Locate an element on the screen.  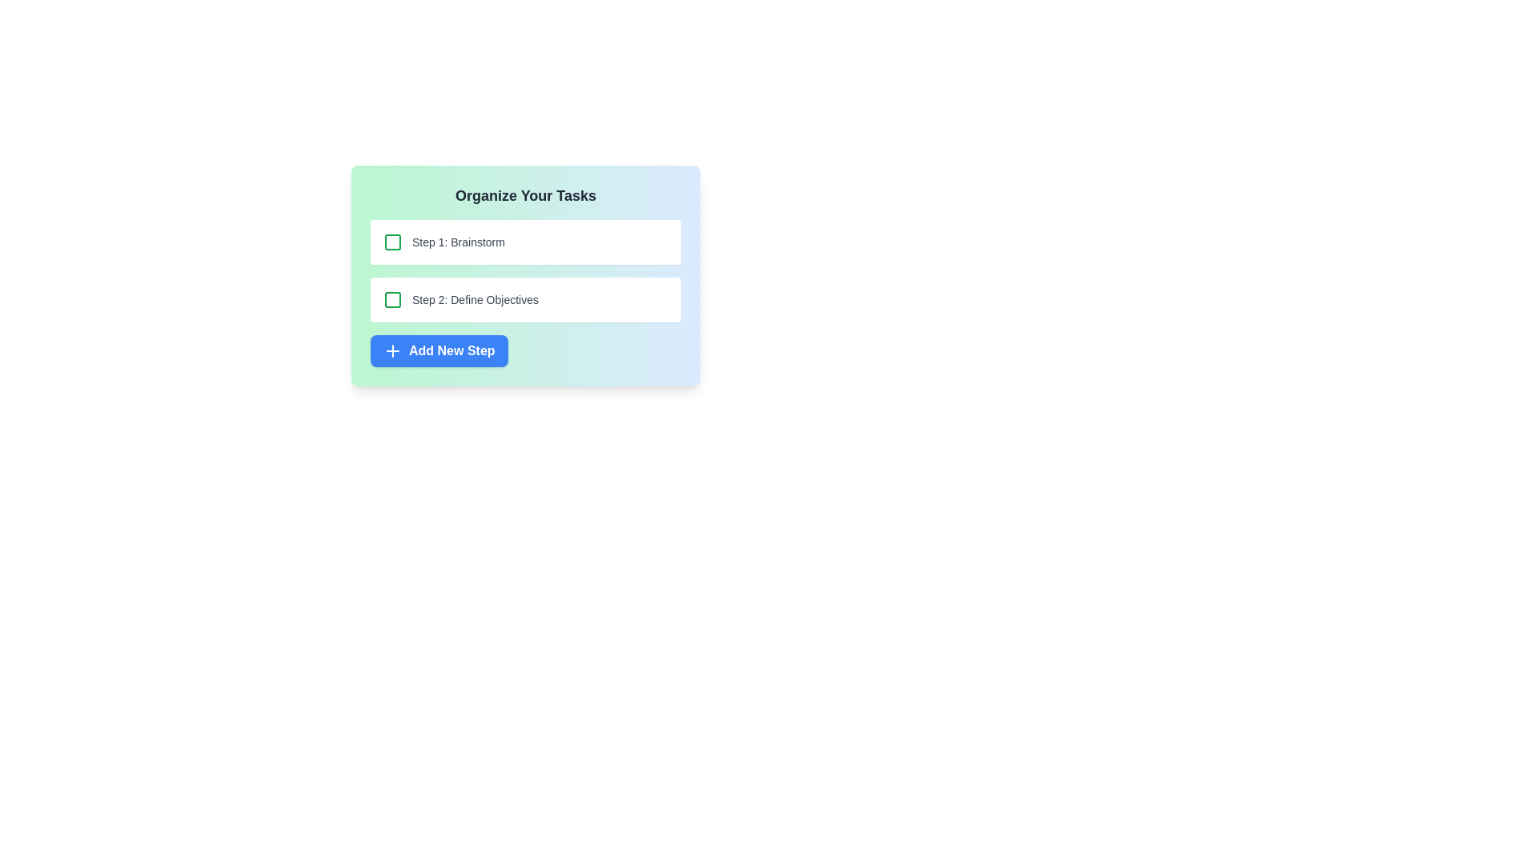
the non-interactive Text display that provides descriptive information about 'Step 1', located to the right of a checkbox is located at coordinates (457, 242).